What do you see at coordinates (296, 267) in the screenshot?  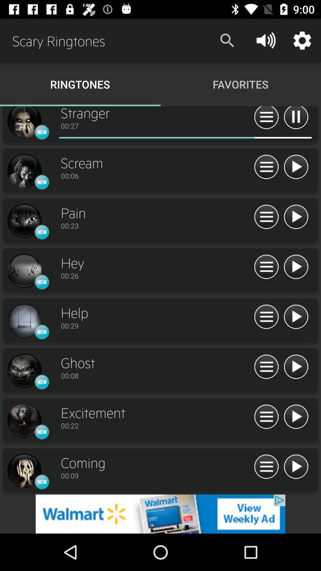 I see `the suggested song` at bounding box center [296, 267].